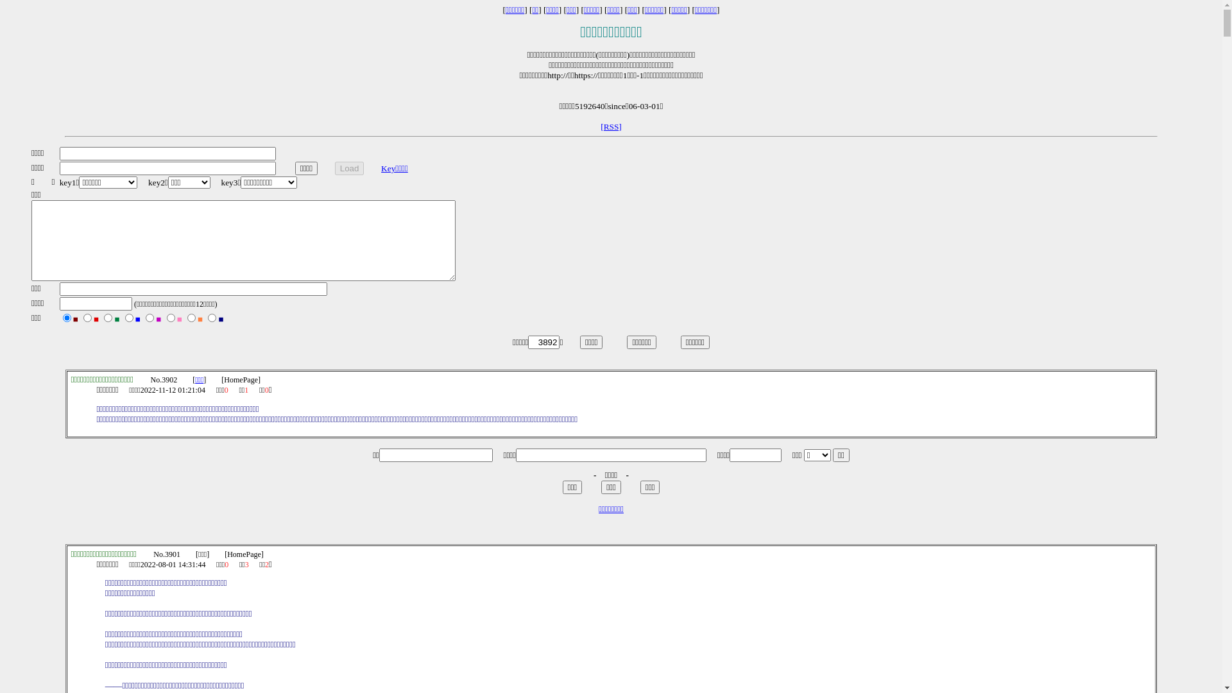  What do you see at coordinates (610, 126) in the screenshot?
I see `'[RSS]'` at bounding box center [610, 126].